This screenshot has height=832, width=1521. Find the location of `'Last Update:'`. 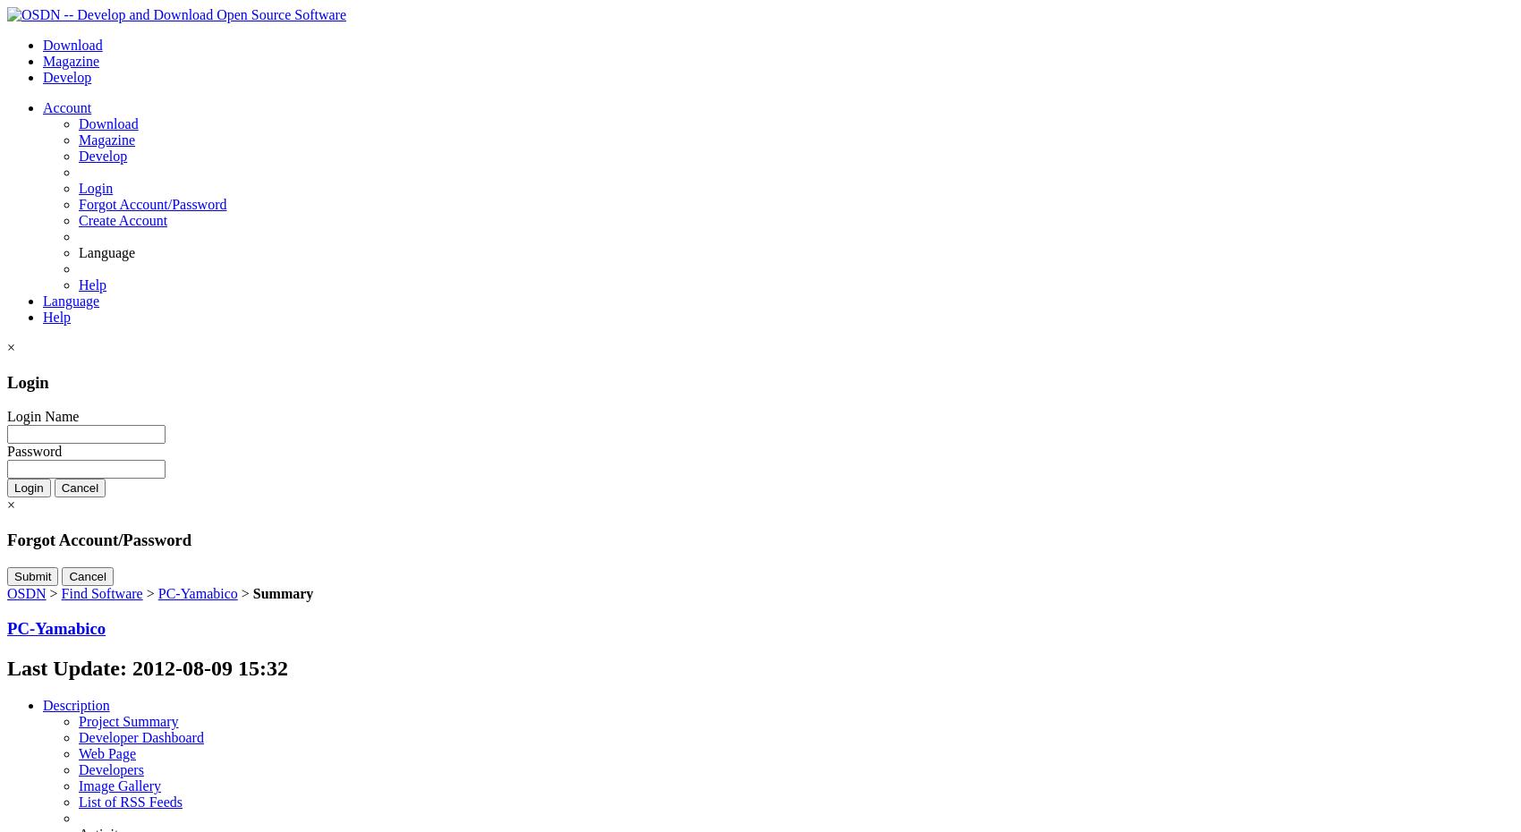

'Last Update:' is located at coordinates (70, 667).